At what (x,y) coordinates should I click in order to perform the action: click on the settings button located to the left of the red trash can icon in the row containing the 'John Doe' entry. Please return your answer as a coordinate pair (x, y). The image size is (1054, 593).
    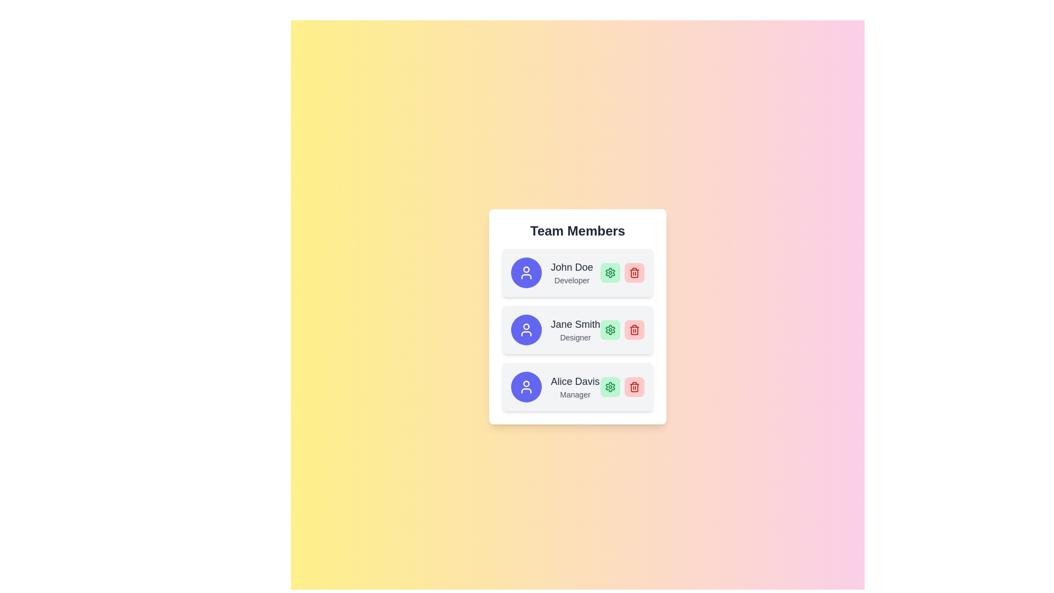
    Looking at the image, I should click on (609, 272).